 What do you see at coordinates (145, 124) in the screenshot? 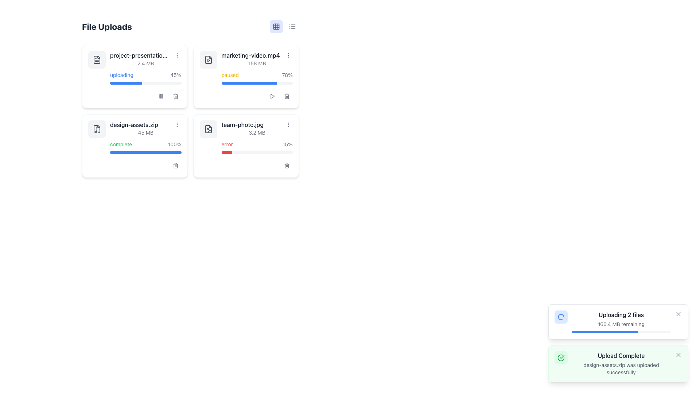
I see `the text label displaying the file name 'design-assets.zip' located` at bounding box center [145, 124].